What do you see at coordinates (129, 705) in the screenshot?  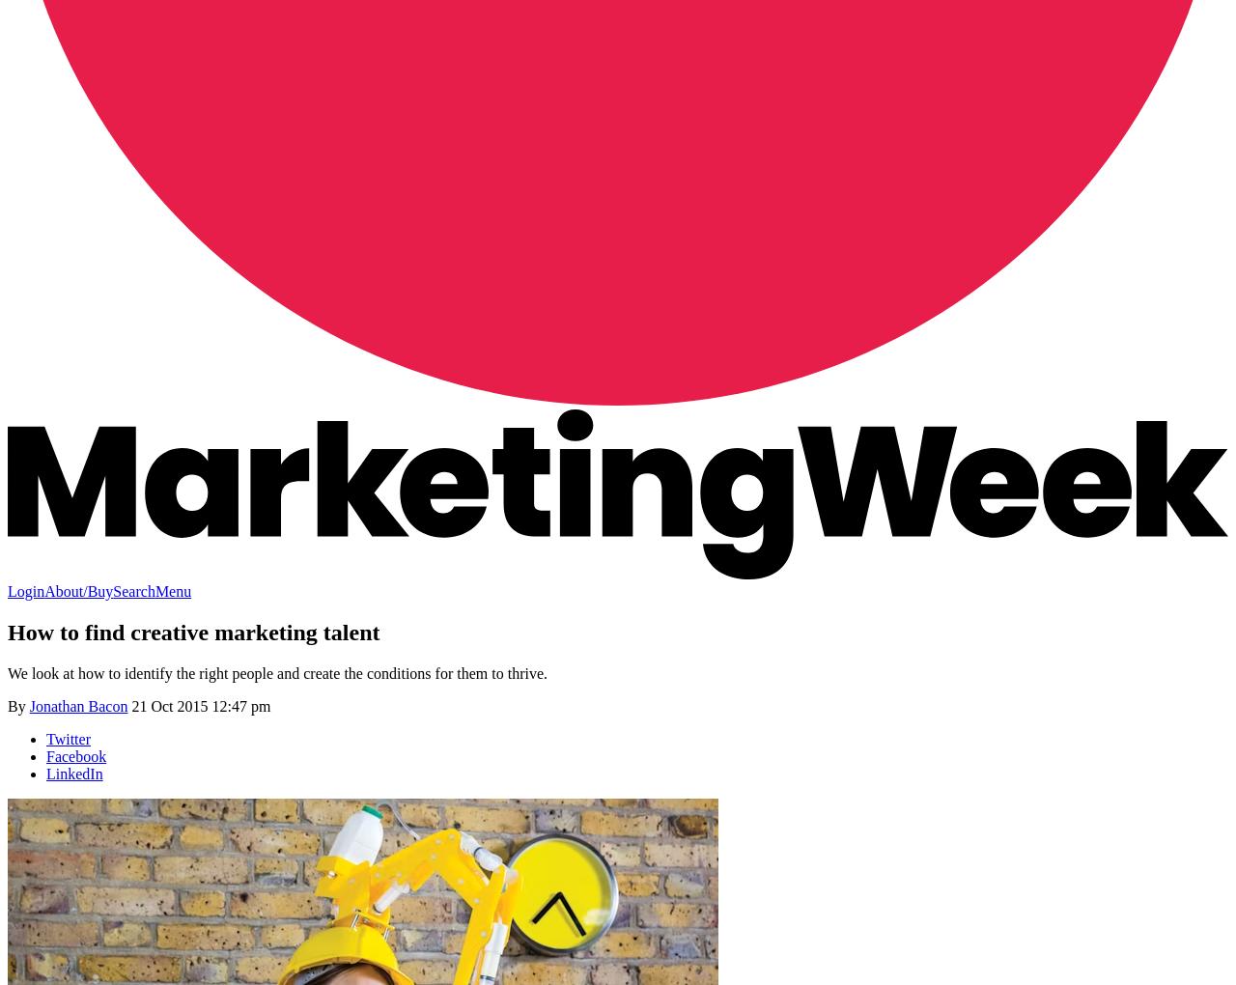 I see `'21 Oct 2015'` at bounding box center [129, 705].